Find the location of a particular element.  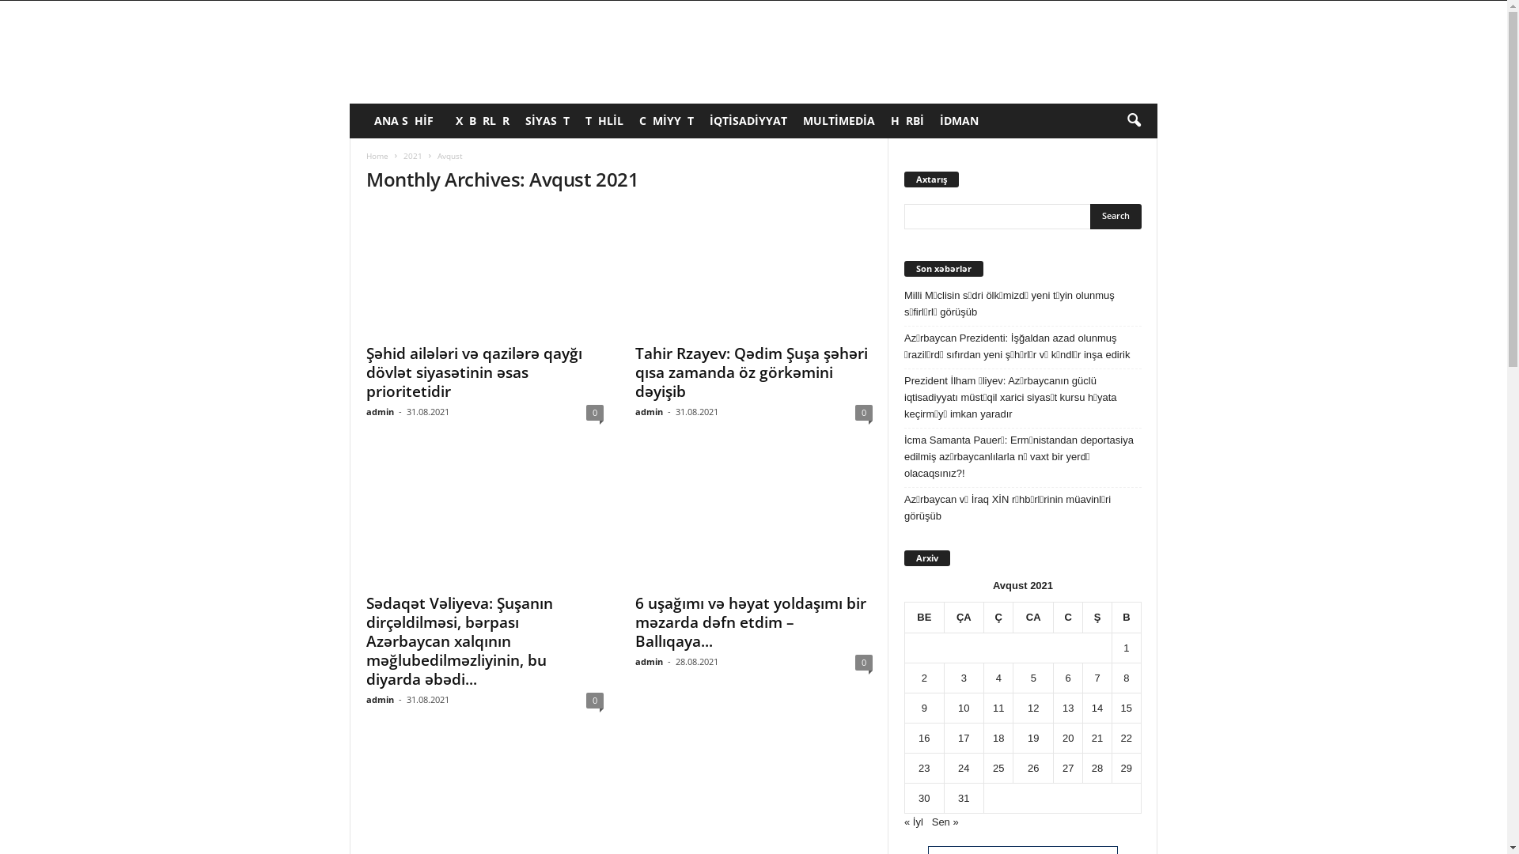

'Home' is located at coordinates (376, 155).